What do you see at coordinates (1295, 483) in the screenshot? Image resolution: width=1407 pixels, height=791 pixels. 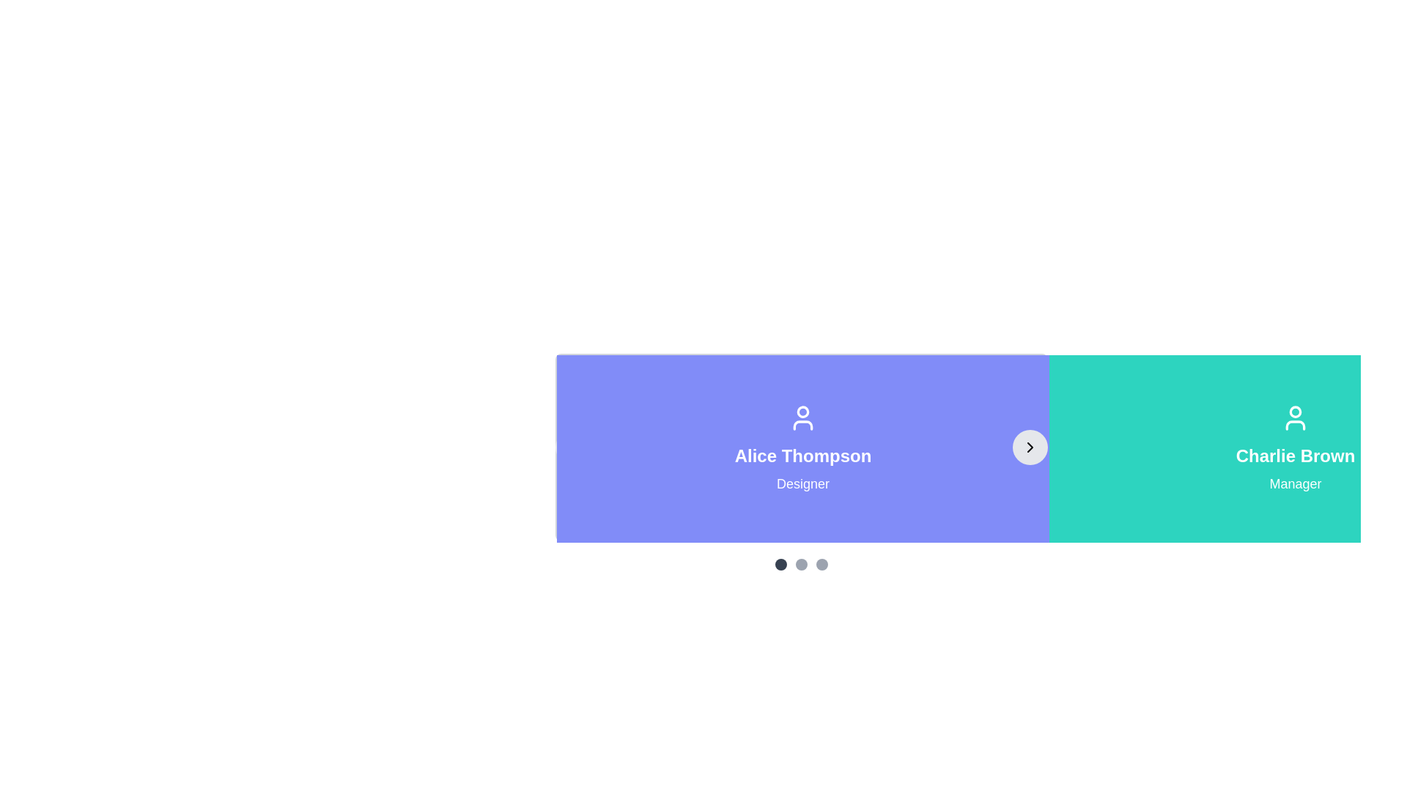 I see `the static text label that provides a description associated with 'Charlie Brown', located in a turquoise-colored panel on the right, underneath the text 'Charlie Brown'` at bounding box center [1295, 483].